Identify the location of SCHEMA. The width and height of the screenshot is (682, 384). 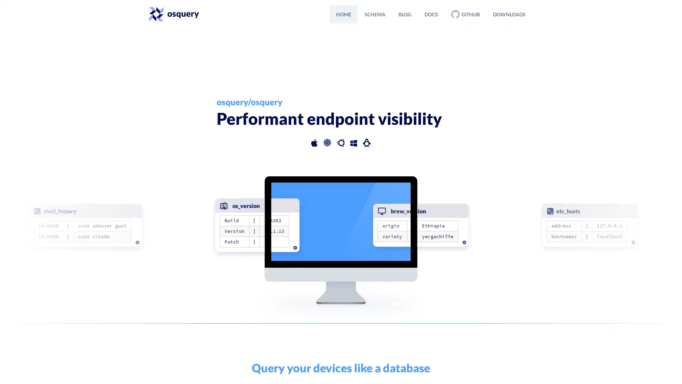
(374, 14).